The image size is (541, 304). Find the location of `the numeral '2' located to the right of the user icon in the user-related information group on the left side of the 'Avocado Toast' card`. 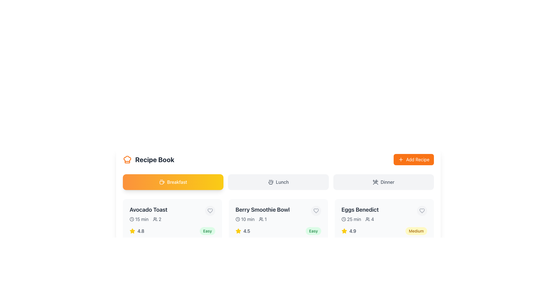

the numeral '2' located to the right of the user icon in the user-related information group on the left side of the 'Avocado Toast' card is located at coordinates (159, 219).